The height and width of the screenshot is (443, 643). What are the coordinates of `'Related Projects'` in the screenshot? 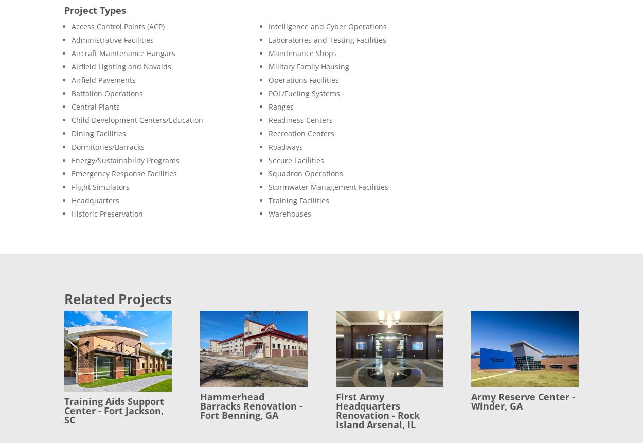 It's located at (117, 298).